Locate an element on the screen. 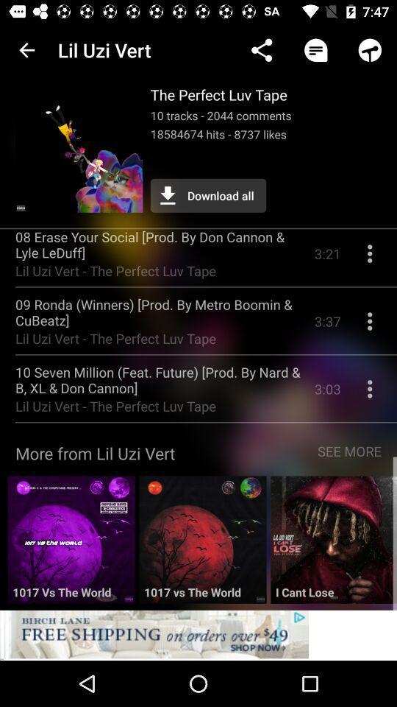 The image size is (397, 707). show video options is located at coordinates (369, 259).